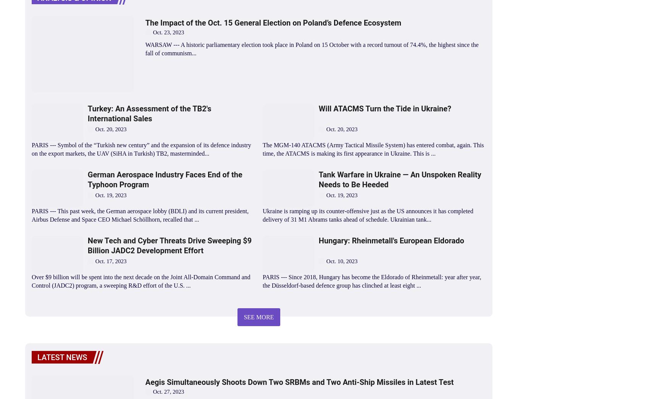 This screenshot has width=646, height=399. I want to click on 'German Aerospace Industry Faces End of the Typhoon Program', so click(164, 179).